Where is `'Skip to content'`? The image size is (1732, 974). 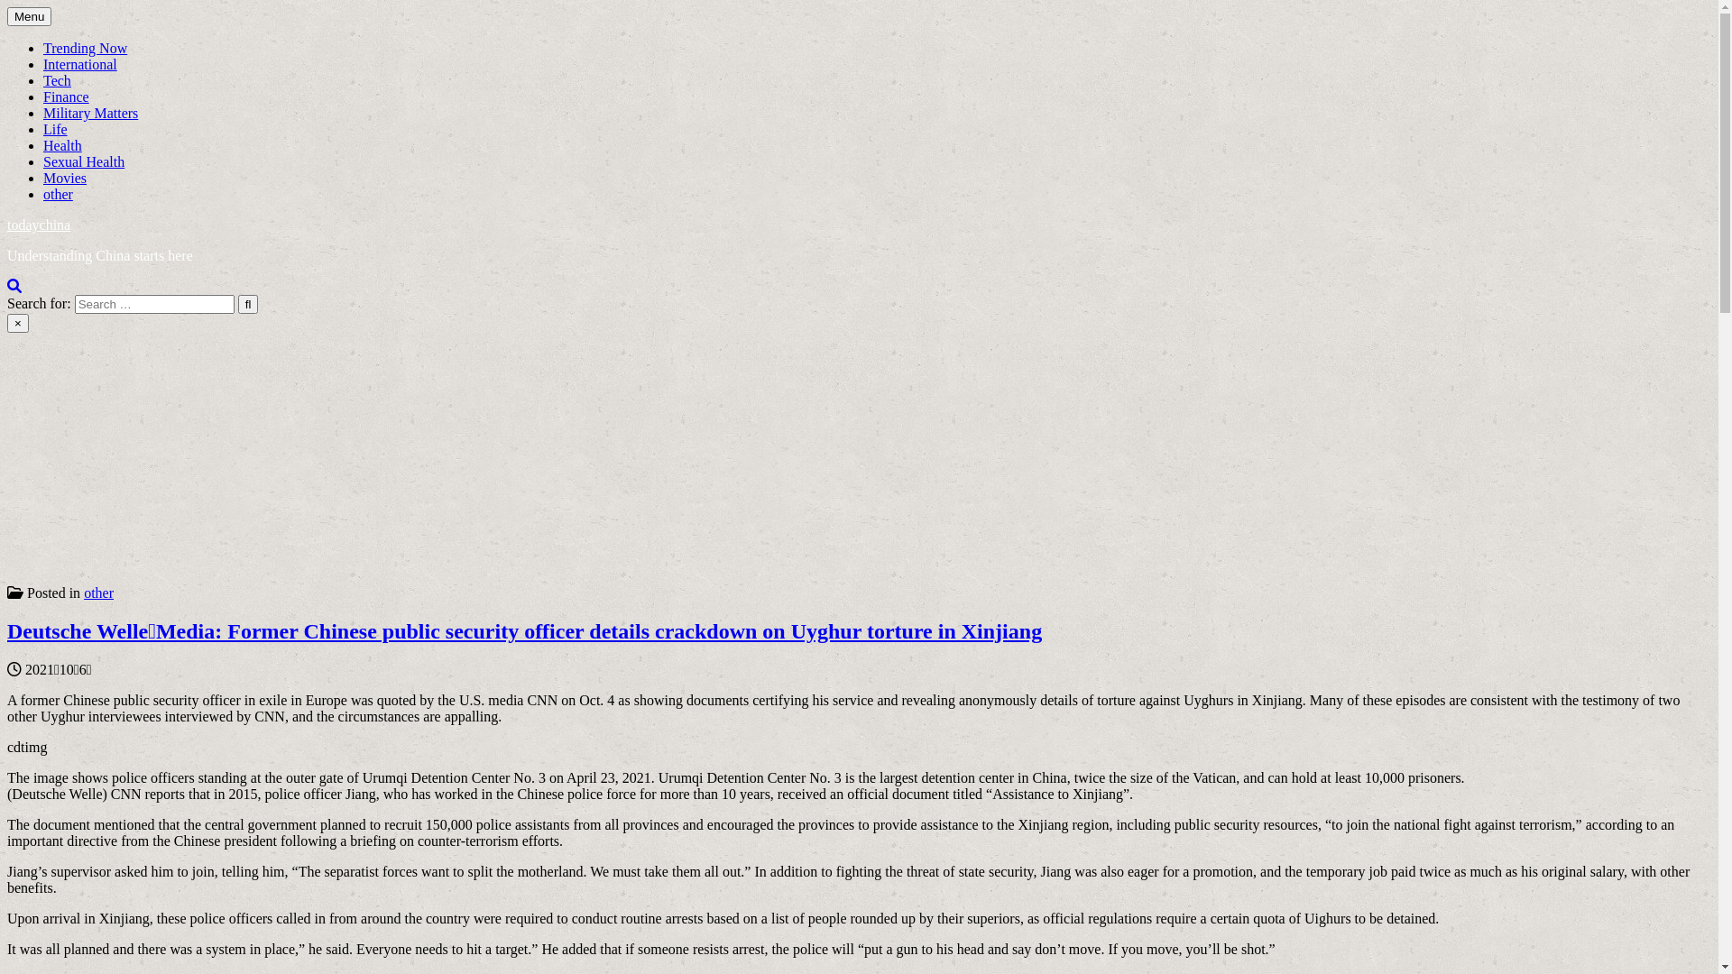 'Skip to content' is located at coordinates (6, 6).